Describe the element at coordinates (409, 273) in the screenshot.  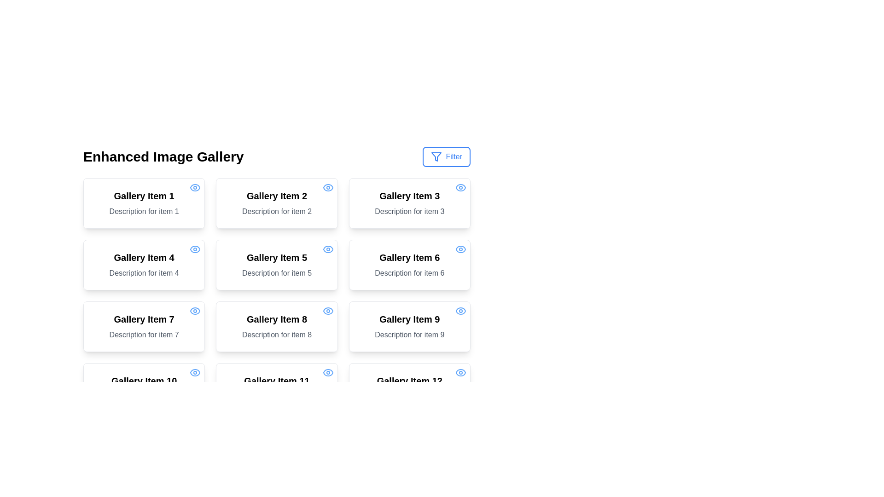
I see `the gray text label displaying 'Description for item 6' located at the center of the lower portion of the item card titled 'Gallery Item 6'` at that location.